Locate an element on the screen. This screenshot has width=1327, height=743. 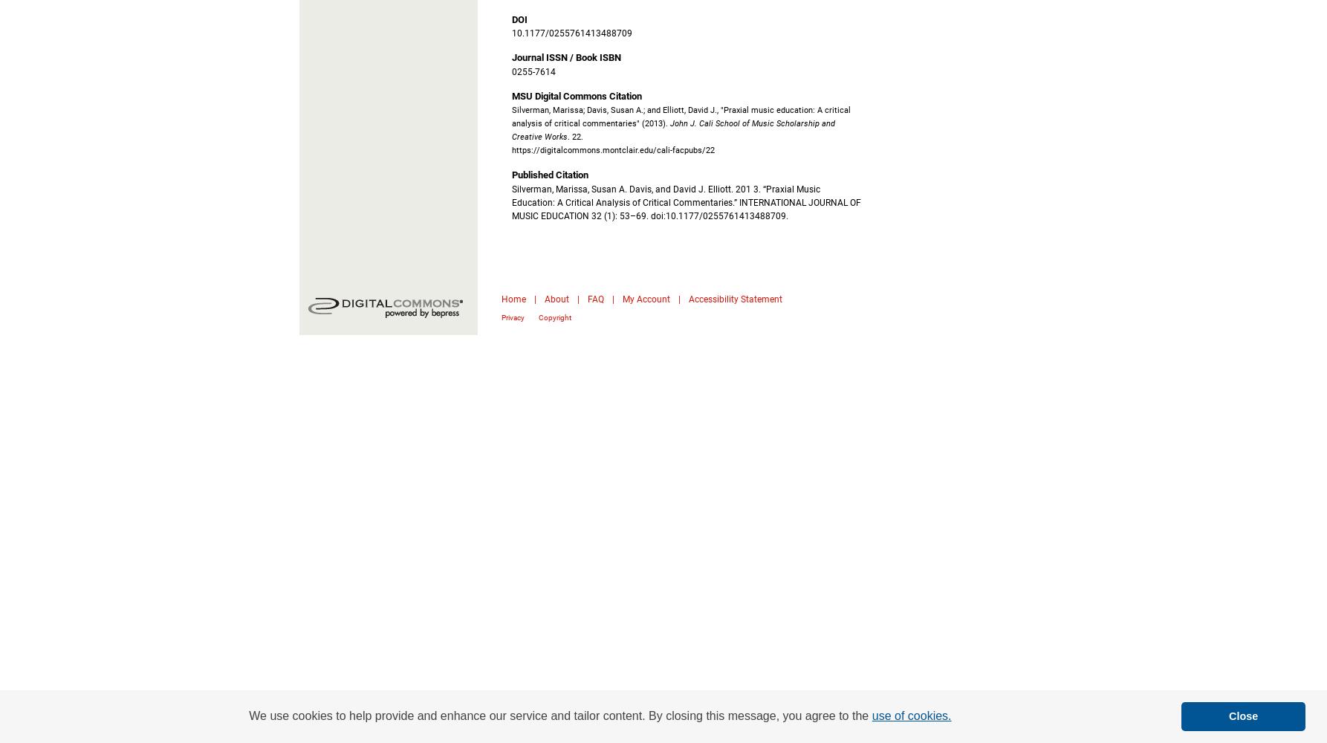
'We use cookies to help provide and enhance our service and tailor content. By closing this message, you agree to the' is located at coordinates (559, 715).